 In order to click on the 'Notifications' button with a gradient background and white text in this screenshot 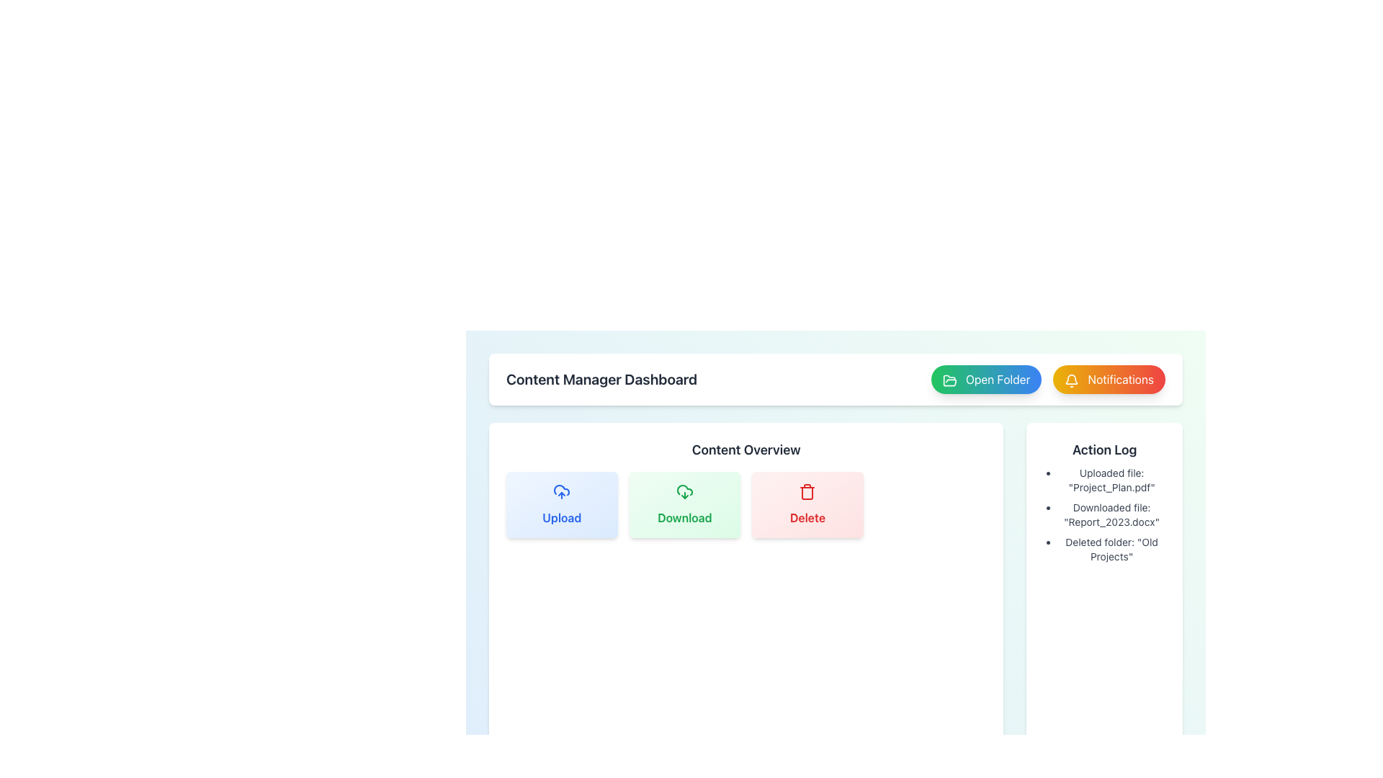, I will do `click(1109, 379)`.